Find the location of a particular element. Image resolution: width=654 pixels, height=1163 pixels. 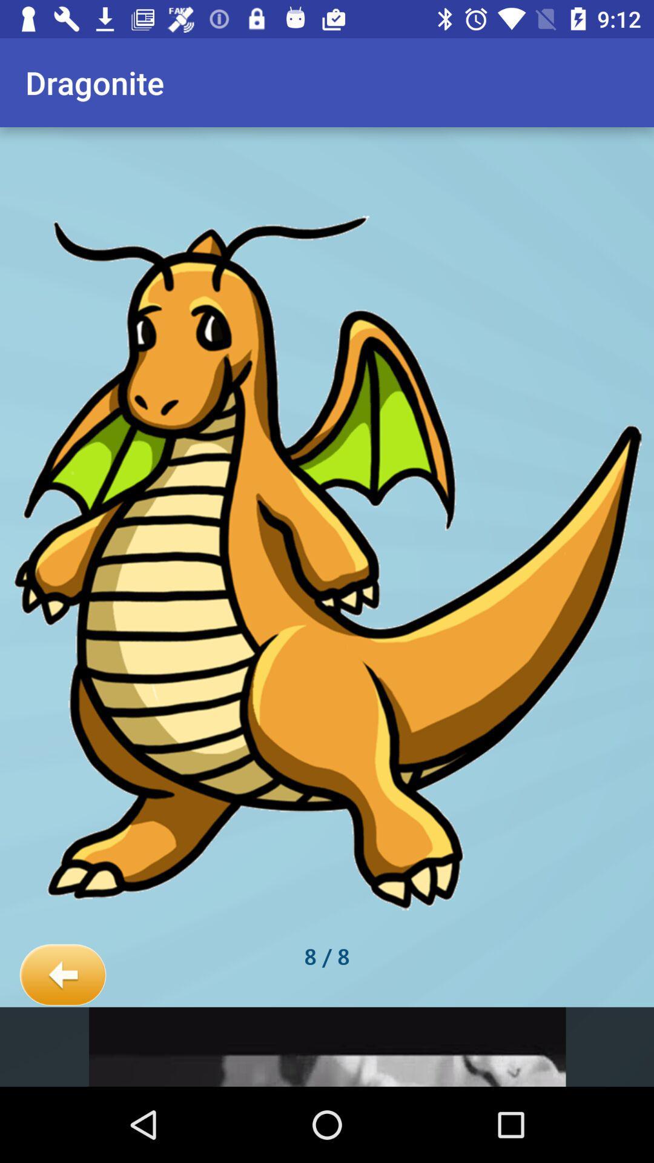

the item next to 8 / 8 is located at coordinates (62, 975).